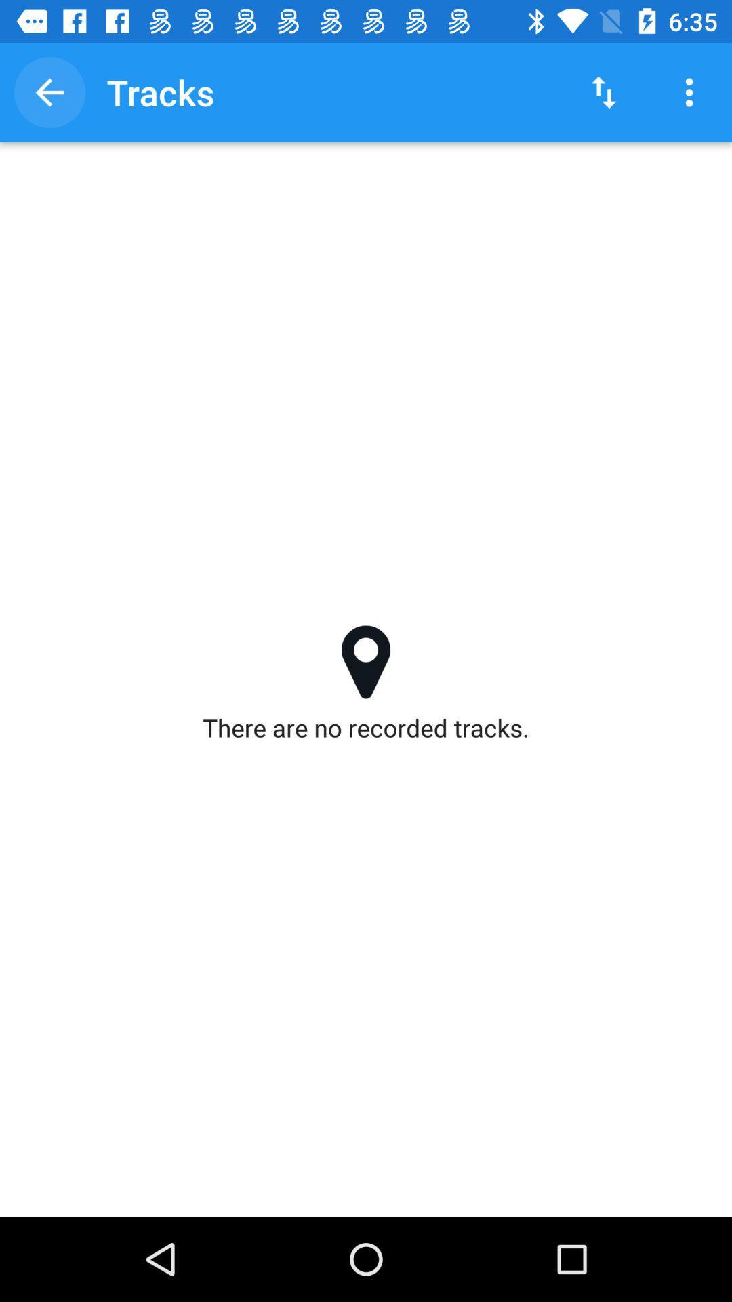 This screenshot has height=1302, width=732. What do you see at coordinates (49, 92) in the screenshot?
I see `item to the left of the tracks app` at bounding box center [49, 92].